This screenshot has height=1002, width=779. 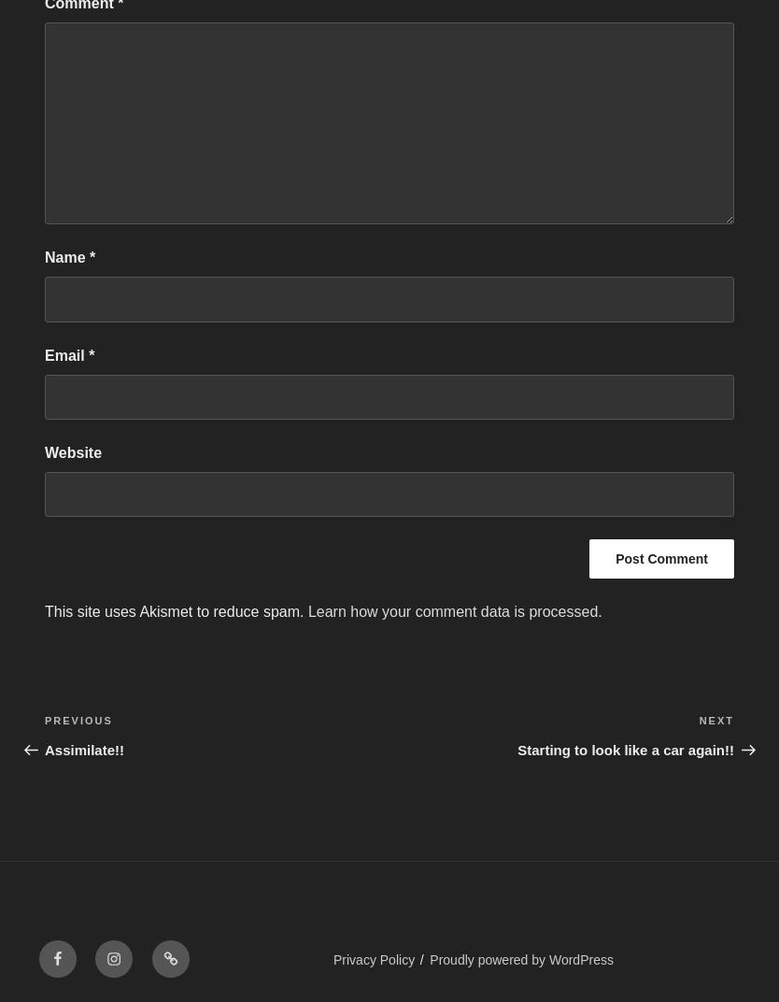 I want to click on 'Previous', so click(x=77, y=720).